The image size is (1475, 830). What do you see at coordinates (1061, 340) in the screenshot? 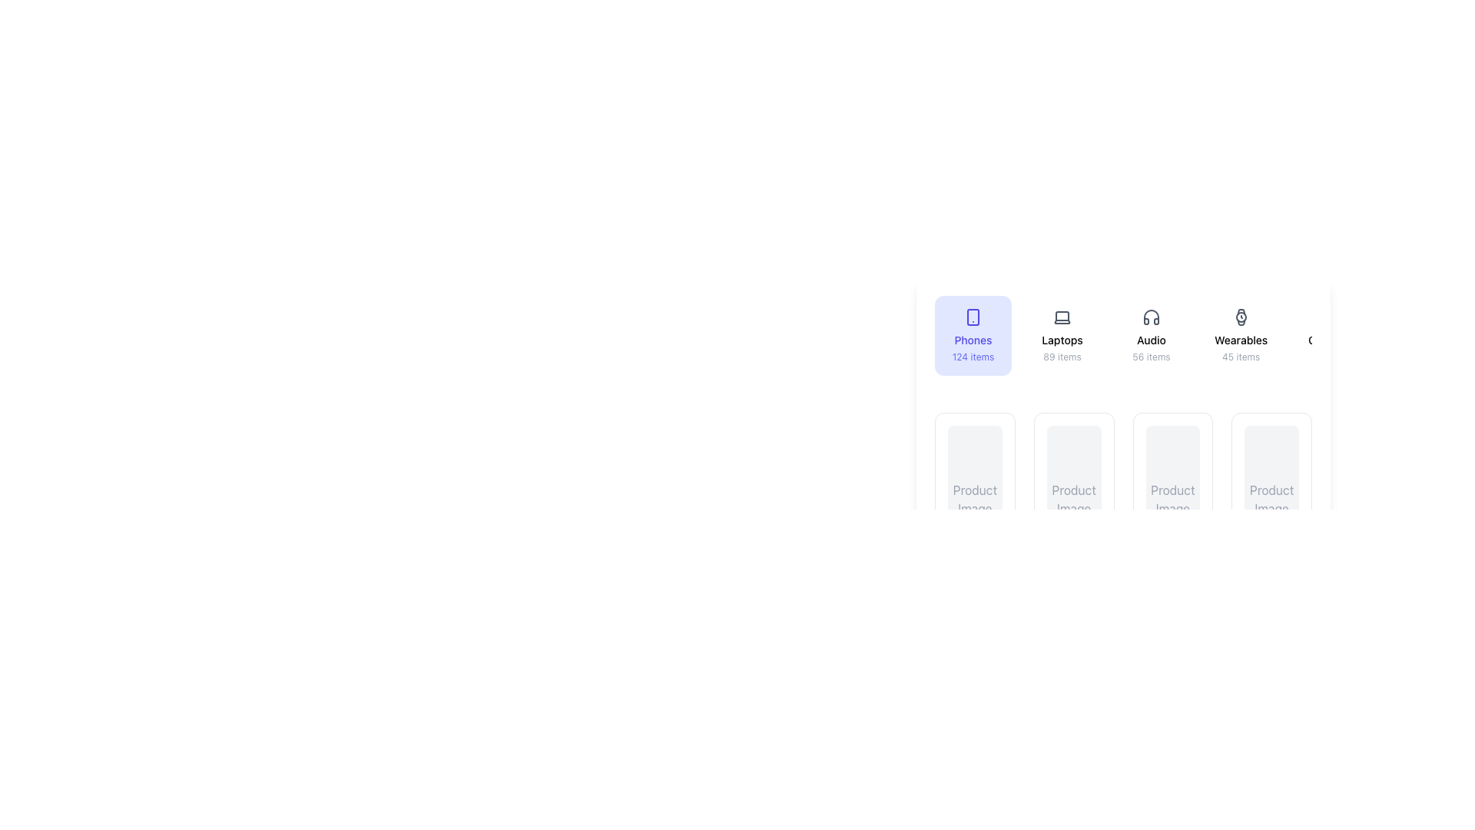
I see `the 'Laptops' category label, which is part of a vertical stack including a laptop icon above it and a label '89 items' below, located second from the left in the row of categories at the top of the interface` at bounding box center [1061, 340].